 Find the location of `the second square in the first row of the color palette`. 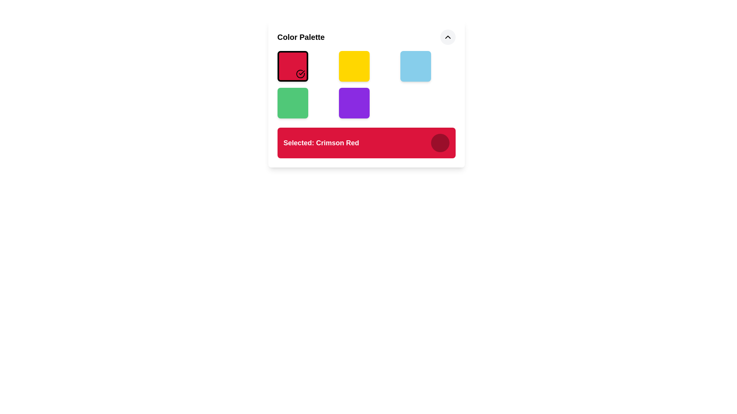

the second square in the first row of the color palette is located at coordinates (354, 66).